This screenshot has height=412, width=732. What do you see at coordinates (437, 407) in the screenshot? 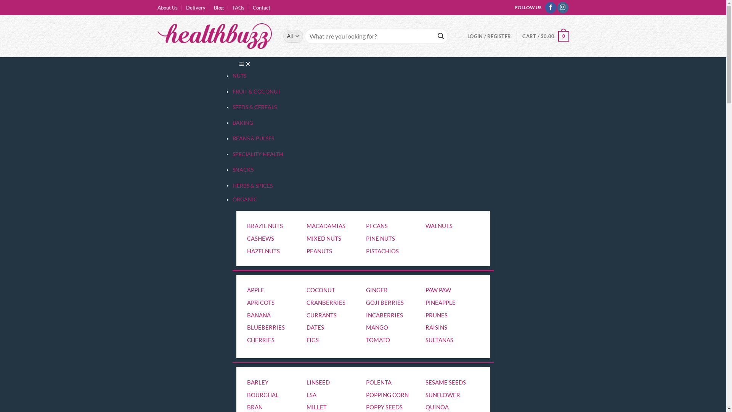
I see `'QUINOA'` at bounding box center [437, 407].